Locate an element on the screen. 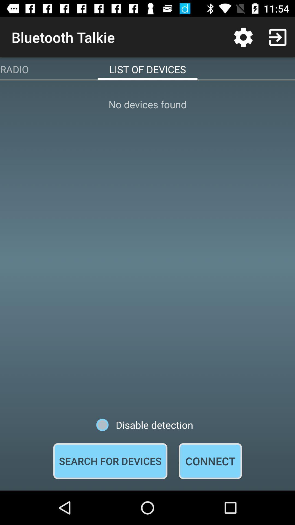 This screenshot has width=295, height=525. the item next to the bluetooth talkie is located at coordinates (243, 37).